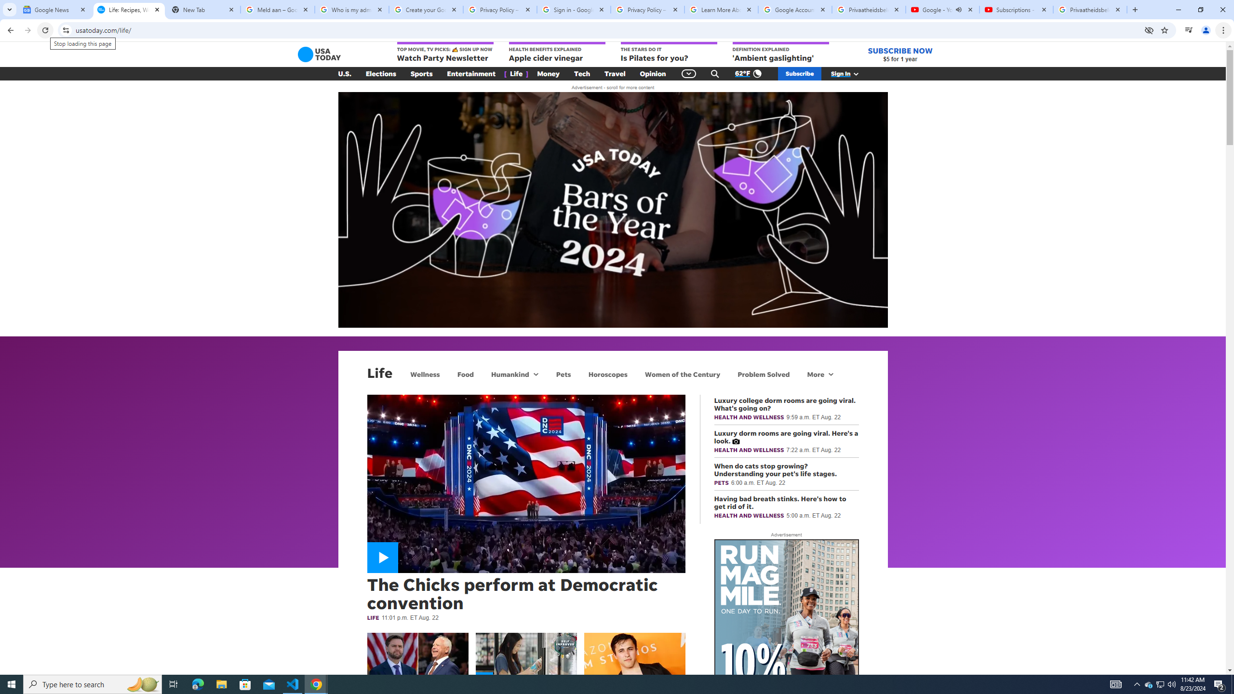  Describe the element at coordinates (849, 74) in the screenshot. I see `'Sign In'` at that location.